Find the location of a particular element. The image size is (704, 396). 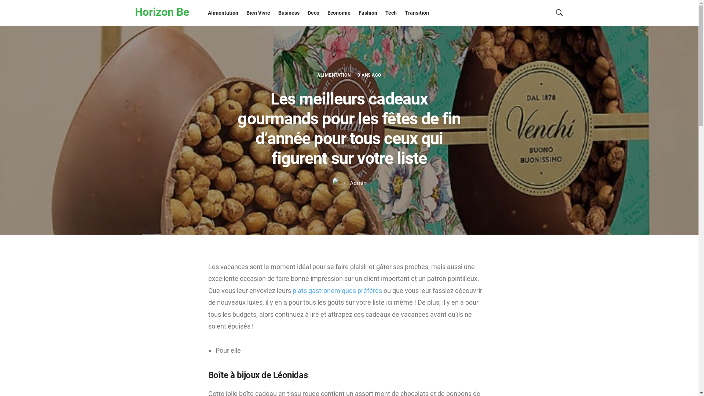

'Transition' is located at coordinates (417, 12).